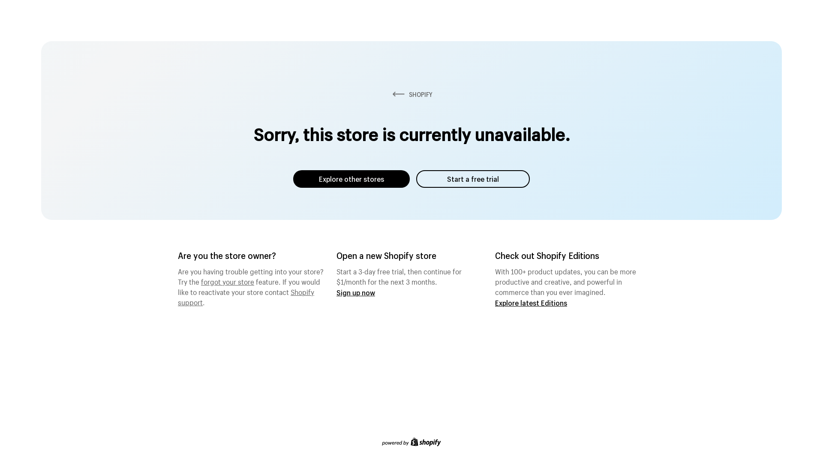  I want to click on 'Start a free trial', so click(472, 178).